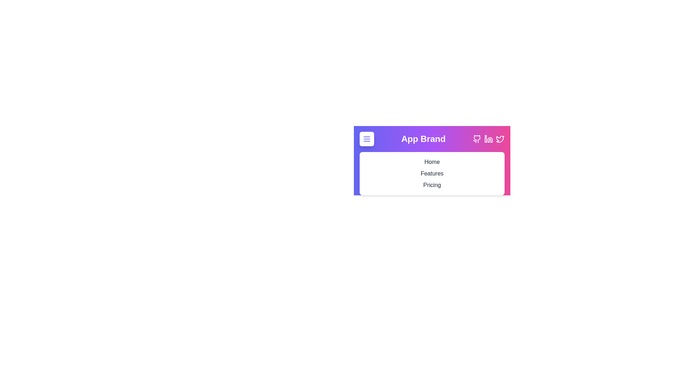 The image size is (694, 390). What do you see at coordinates (500, 139) in the screenshot?
I see `the Twitter icon button` at bounding box center [500, 139].